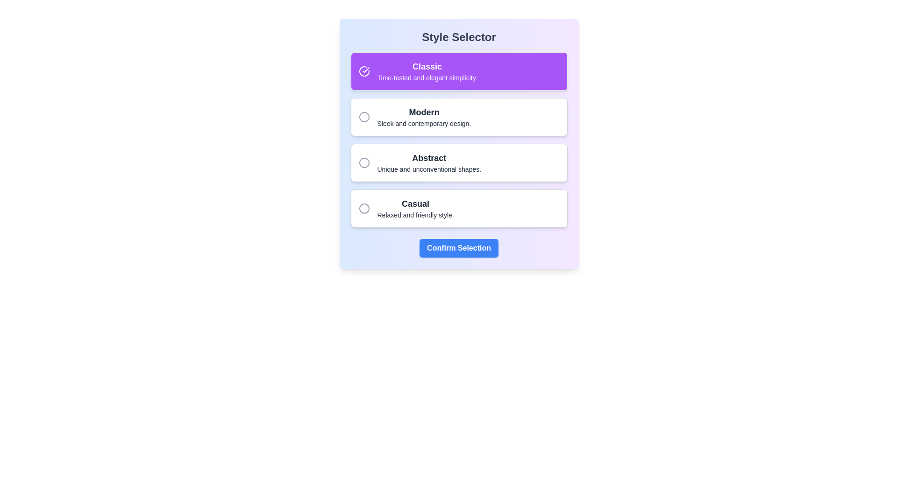  Describe the element at coordinates (363, 162) in the screenshot. I see `the SVG Circle representing the 'Abstract' style option by moving the cursor to its center point` at that location.